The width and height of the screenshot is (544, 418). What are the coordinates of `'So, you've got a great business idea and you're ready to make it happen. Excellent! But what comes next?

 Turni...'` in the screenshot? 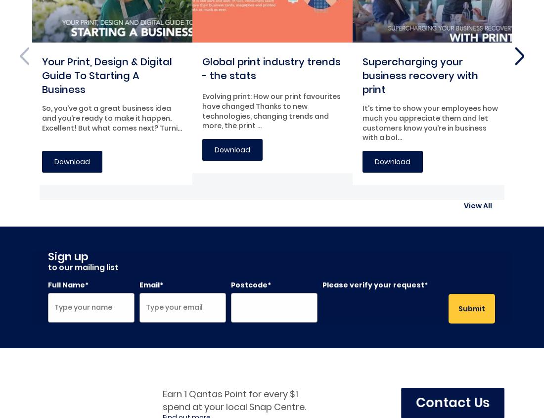 It's located at (112, 117).